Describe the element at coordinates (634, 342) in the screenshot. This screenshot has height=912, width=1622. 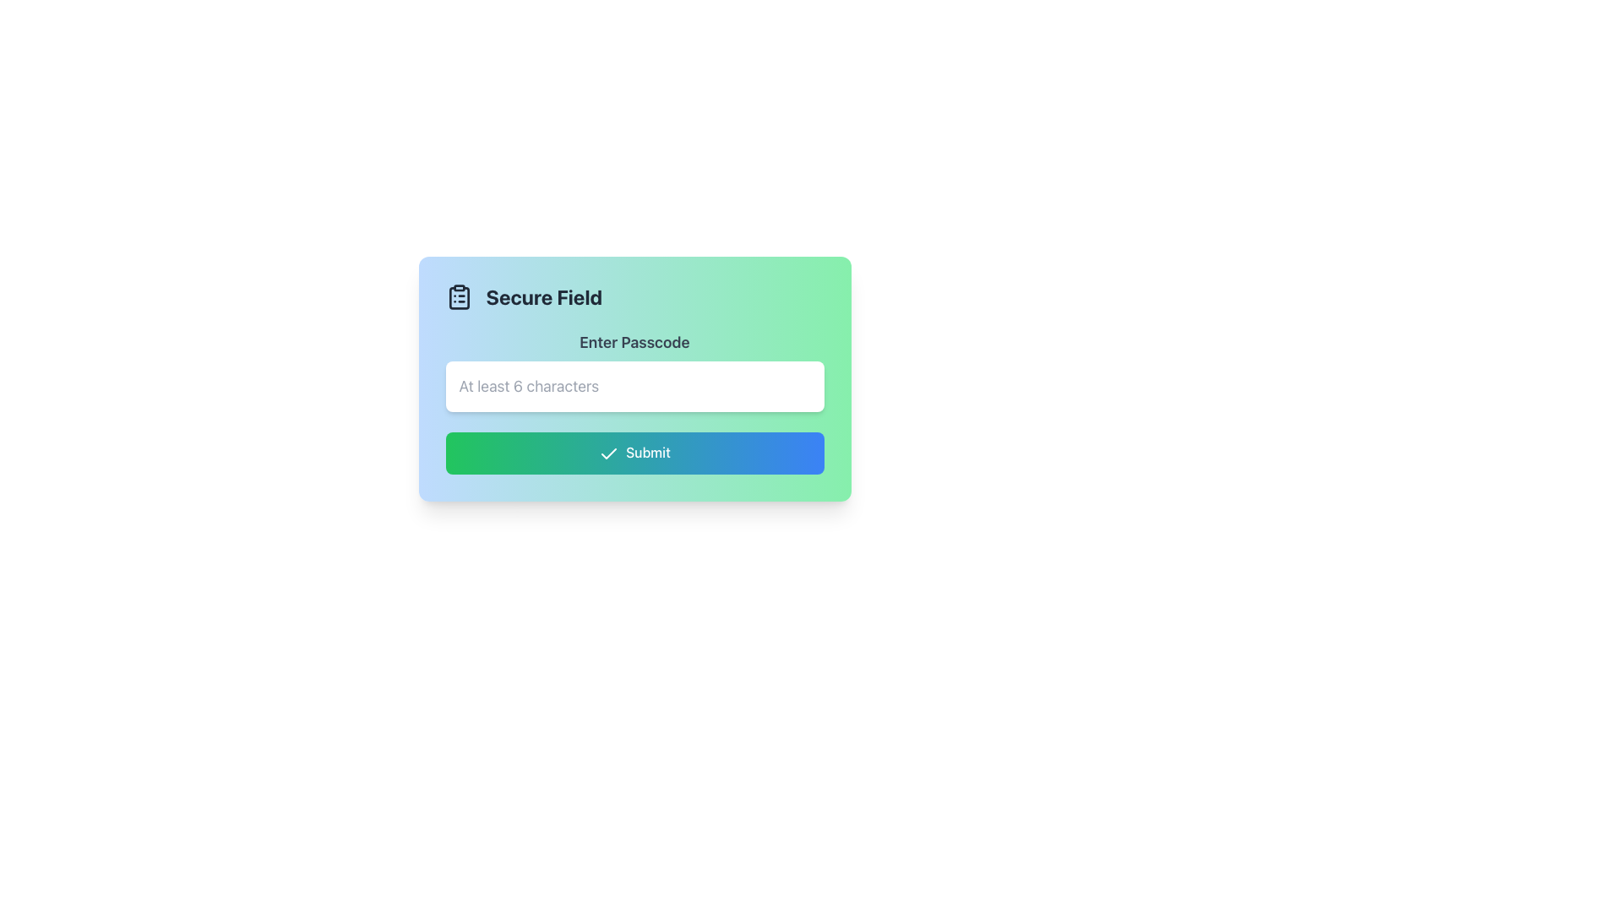
I see `the text label displaying 'Enter Passcode', which is bold and dark gray, located below the 'Secure Field' section title` at that location.